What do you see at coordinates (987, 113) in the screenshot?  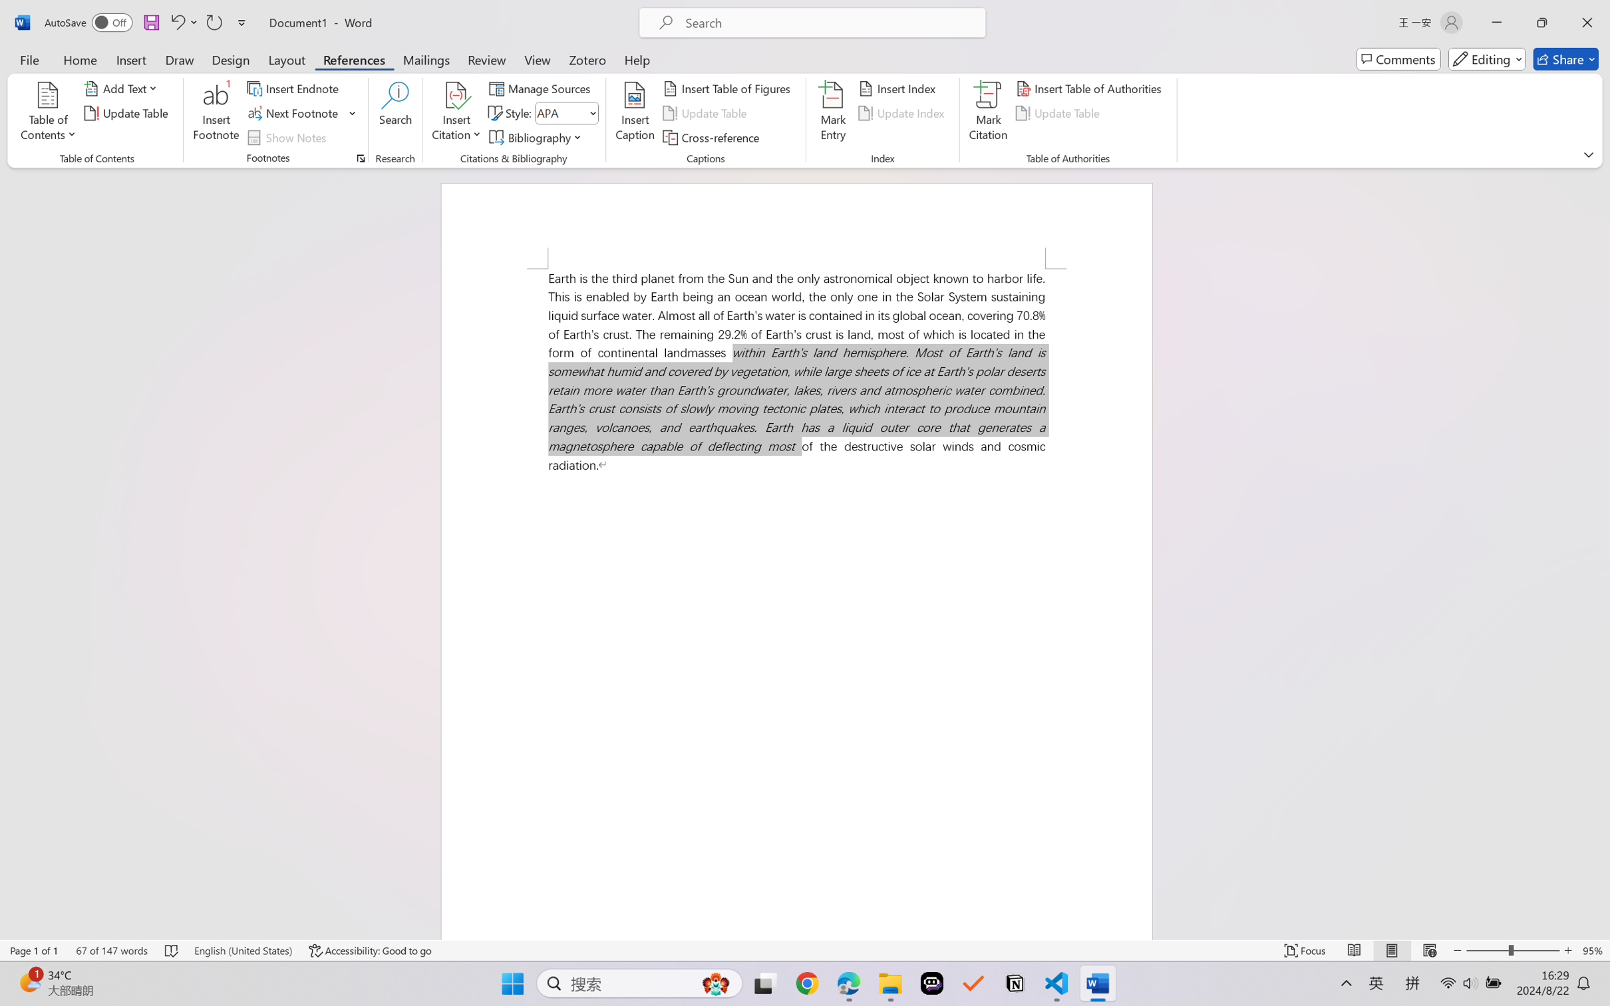 I see `'Mark Citation...'` at bounding box center [987, 113].